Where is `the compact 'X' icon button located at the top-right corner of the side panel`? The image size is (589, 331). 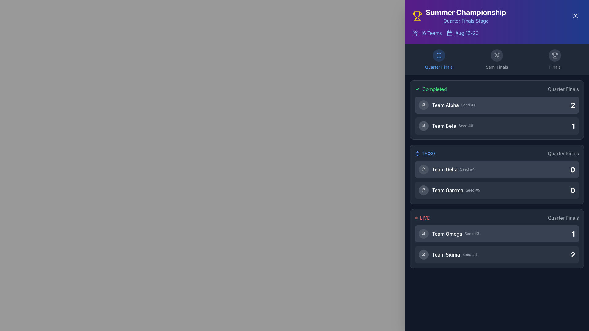
the compact 'X' icon button located at the top-right corner of the side panel is located at coordinates (575, 15).